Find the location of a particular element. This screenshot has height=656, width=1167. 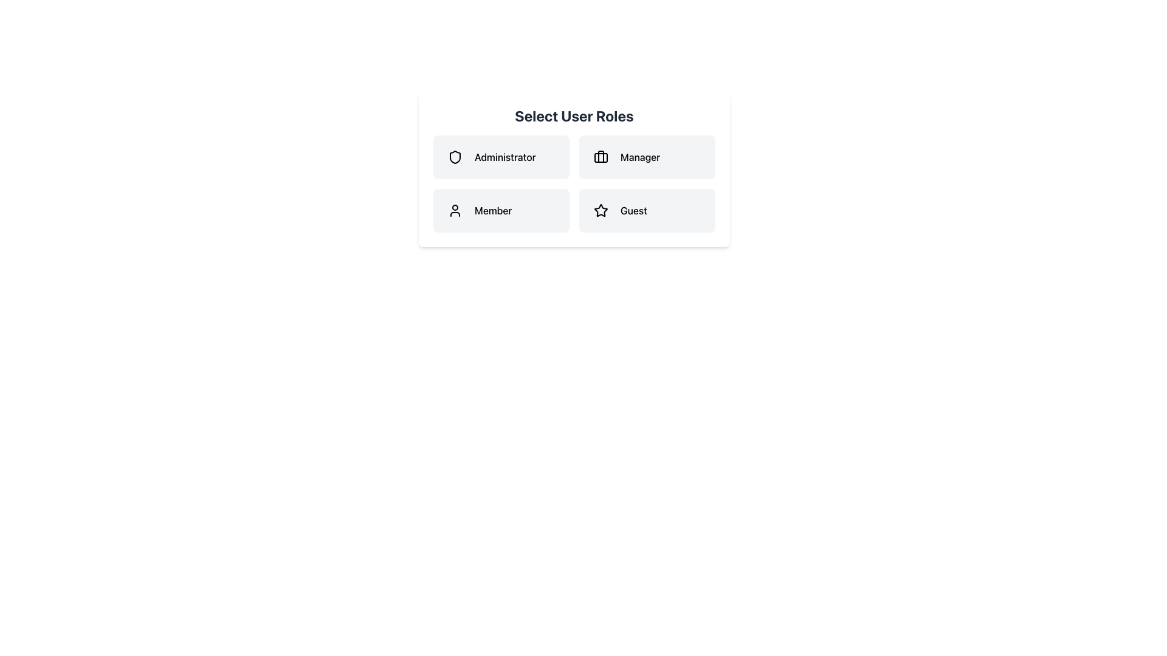

the 'Administrator' static text element, which is styled in medium font-weight and appears in black on a light gray background, located within the Administrator card in the top-left quadrant of the role selection grid is located at coordinates (505, 156).